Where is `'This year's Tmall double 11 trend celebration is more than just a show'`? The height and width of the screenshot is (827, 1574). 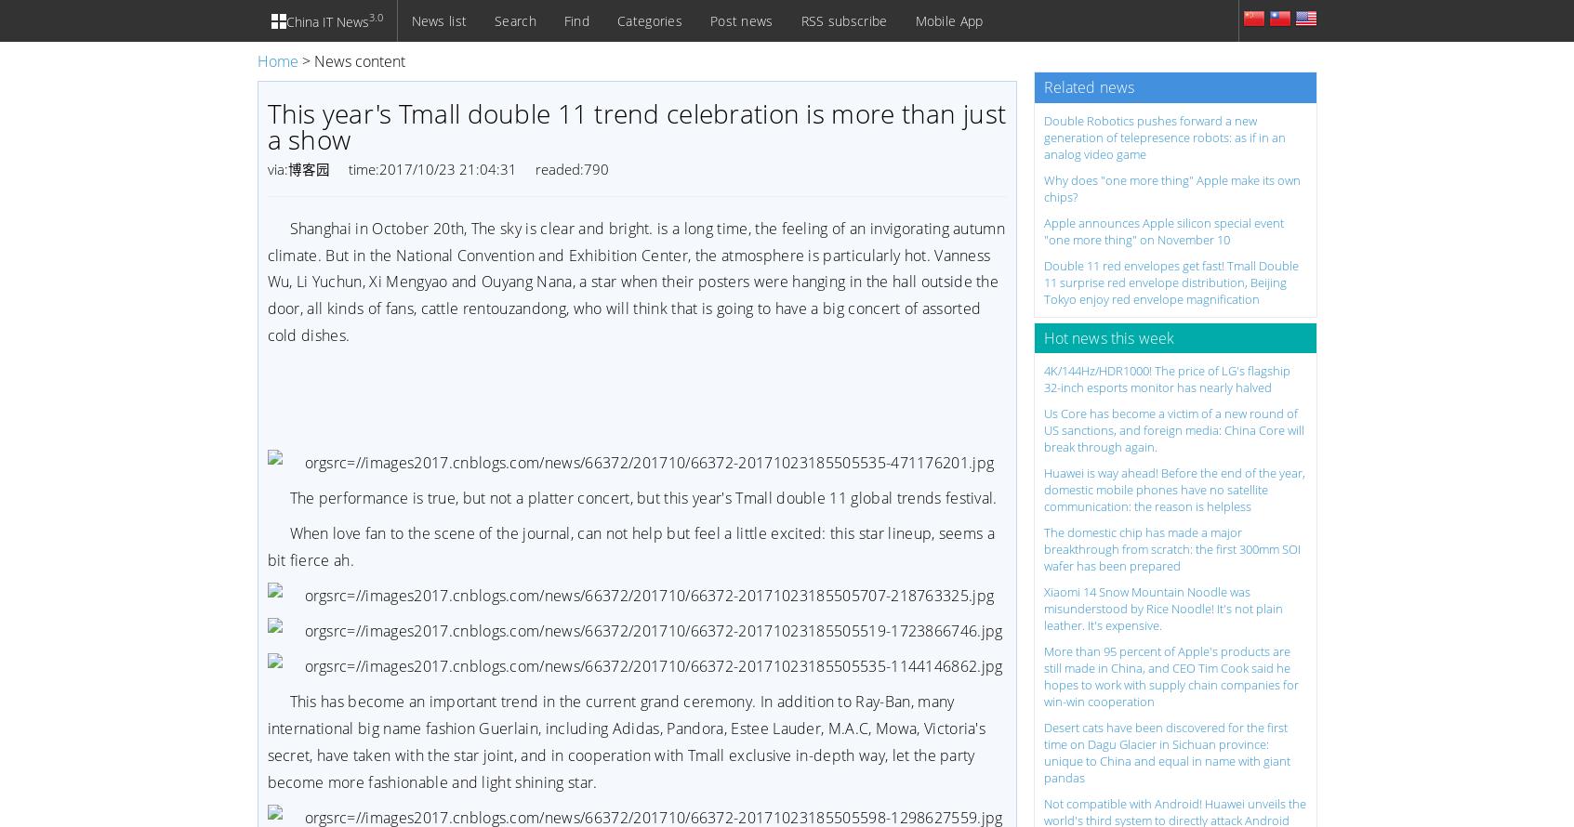 'This year's Tmall double 11 trend celebration is more than just a show' is located at coordinates (635, 125).